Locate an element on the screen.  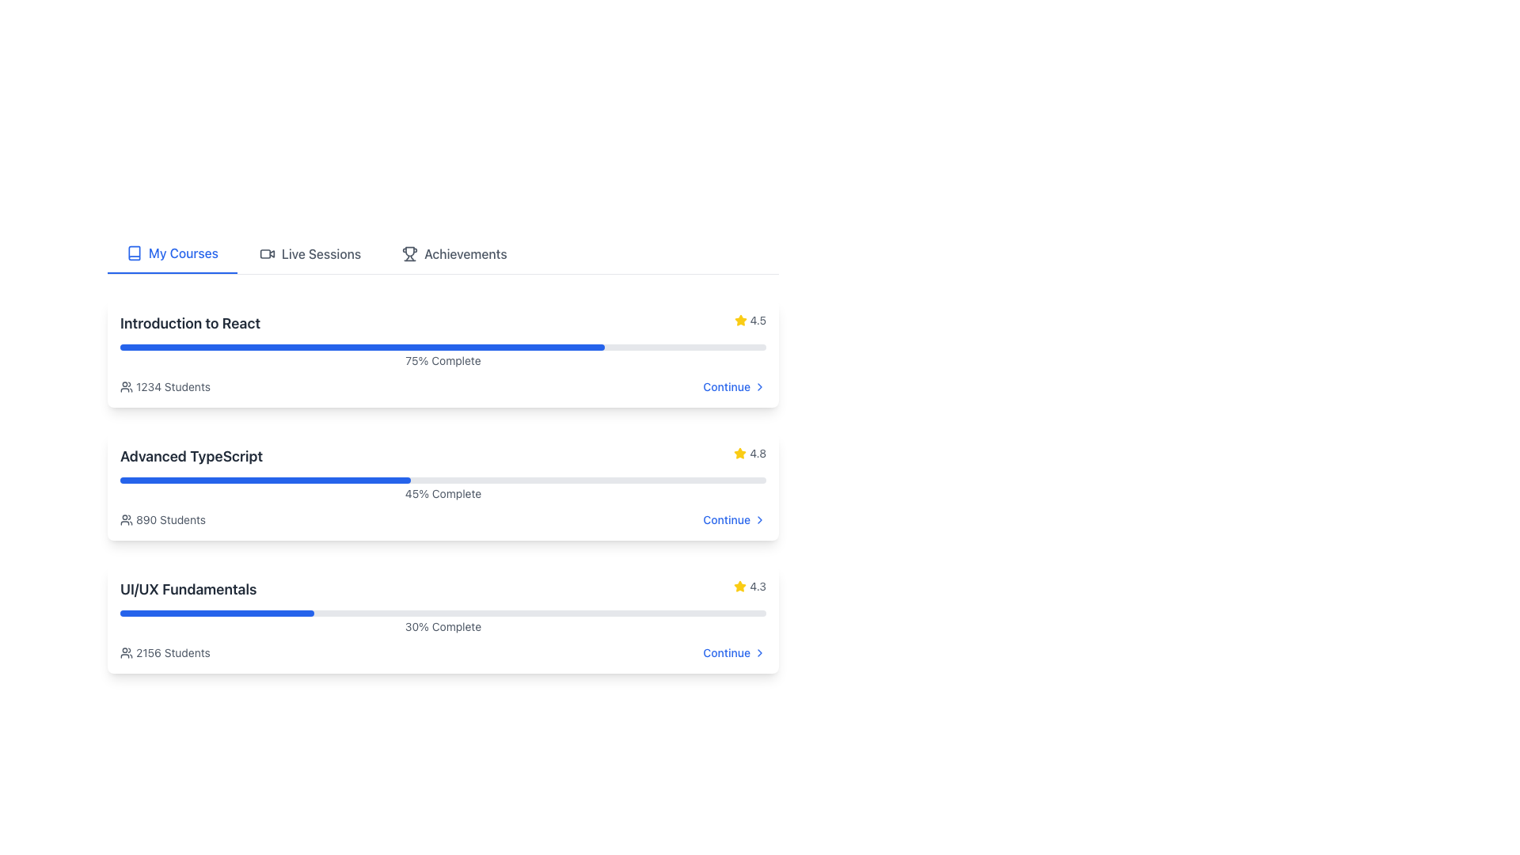
rating value displayed in the text label showing '4.5', which is styled in gray color and positioned next to a star icon in the upper right section of the course details is located at coordinates (757, 321).